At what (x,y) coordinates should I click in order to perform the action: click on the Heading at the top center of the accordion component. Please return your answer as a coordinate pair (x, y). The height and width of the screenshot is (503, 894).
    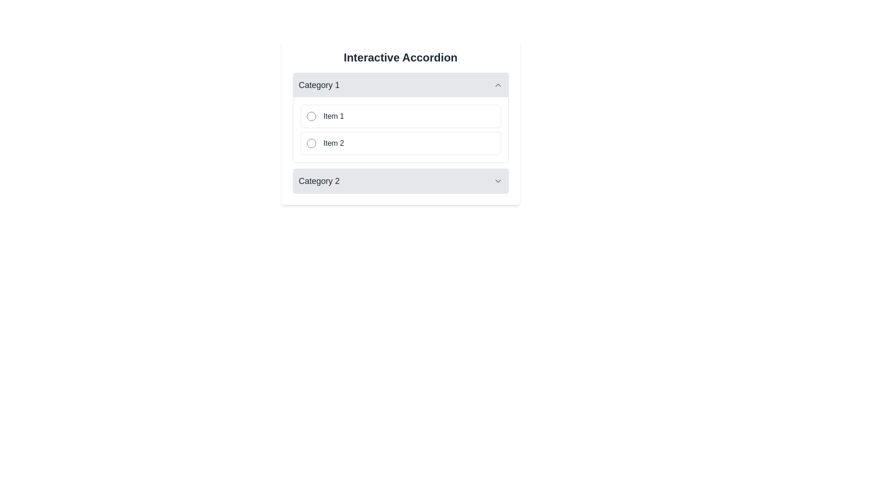
    Looking at the image, I should click on (400, 57).